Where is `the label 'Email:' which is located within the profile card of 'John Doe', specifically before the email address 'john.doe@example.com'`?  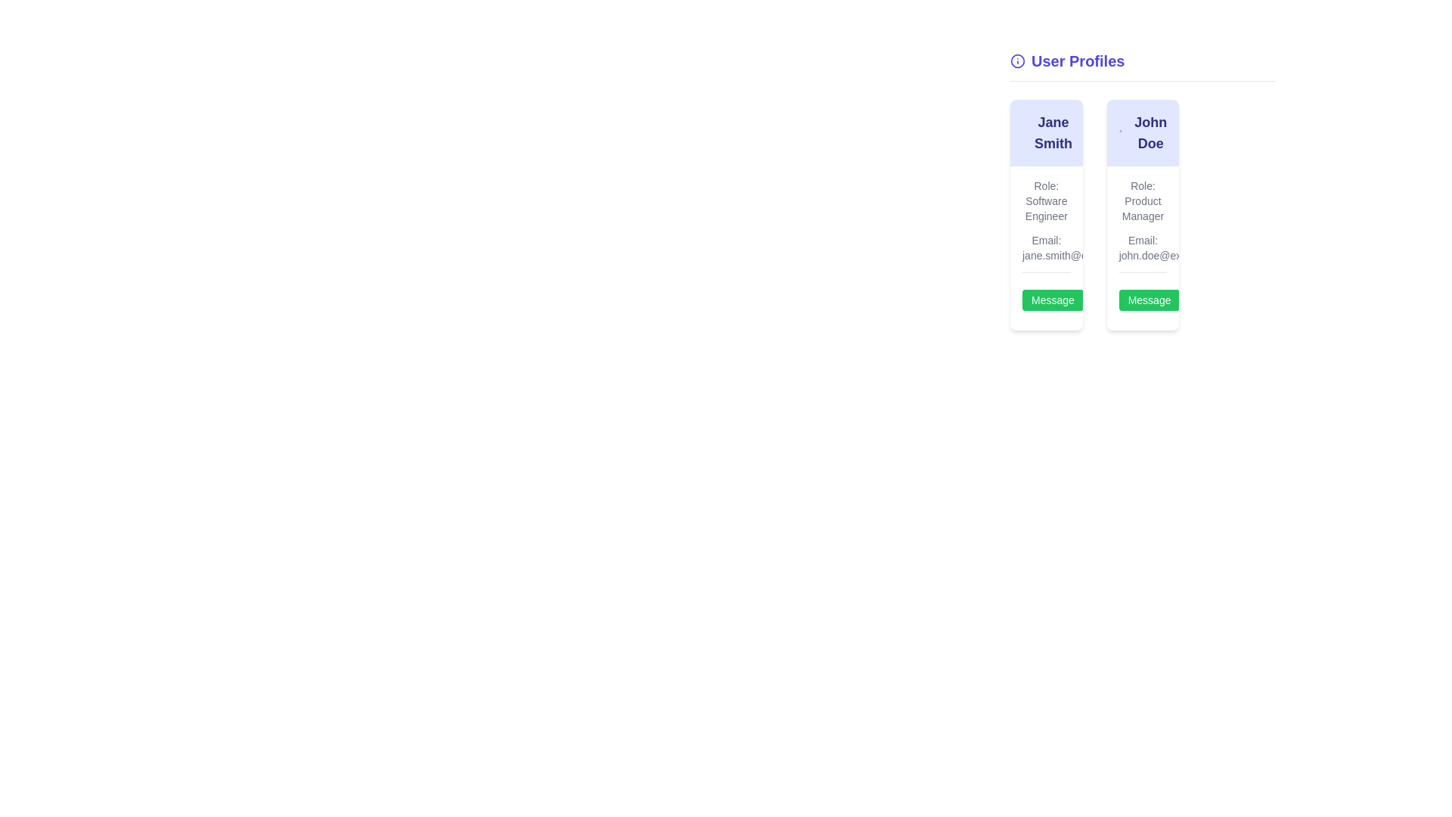
the label 'Email:' which is located within the profile card of 'John Doe', specifically before the email address 'john.doe@example.com' is located at coordinates (1143, 239).